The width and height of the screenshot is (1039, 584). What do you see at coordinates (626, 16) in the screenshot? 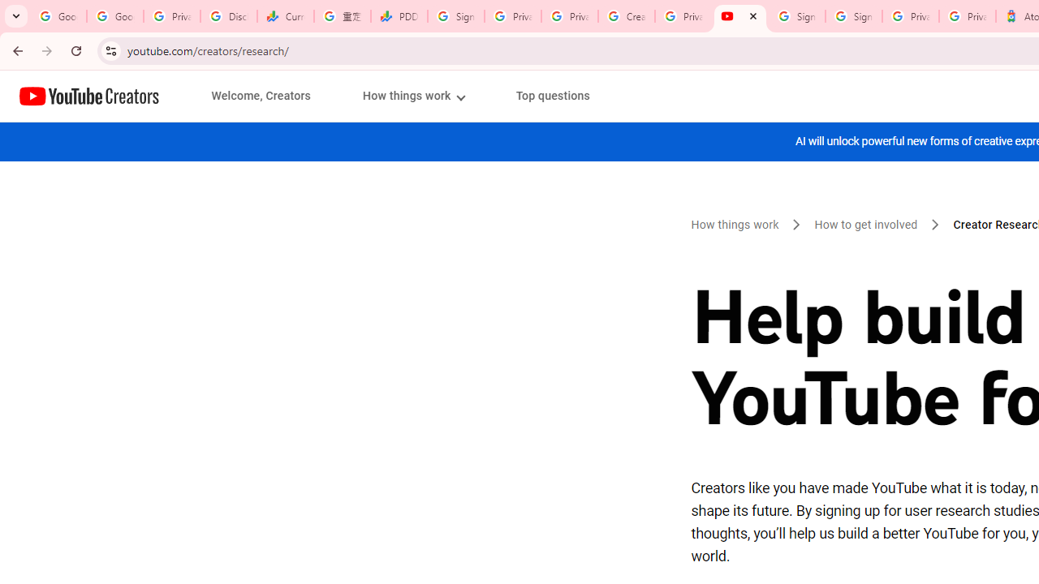
I see `'Create your Google Account'` at bounding box center [626, 16].